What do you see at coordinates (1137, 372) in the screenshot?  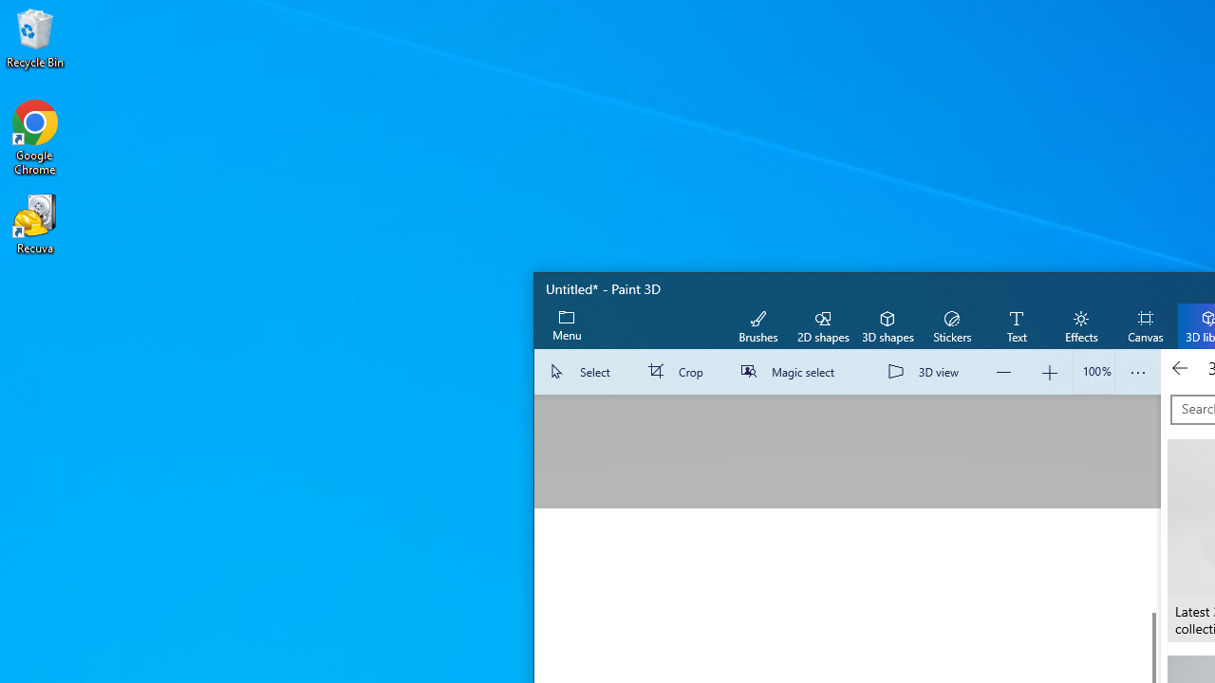 I see `'View more options'` at bounding box center [1137, 372].